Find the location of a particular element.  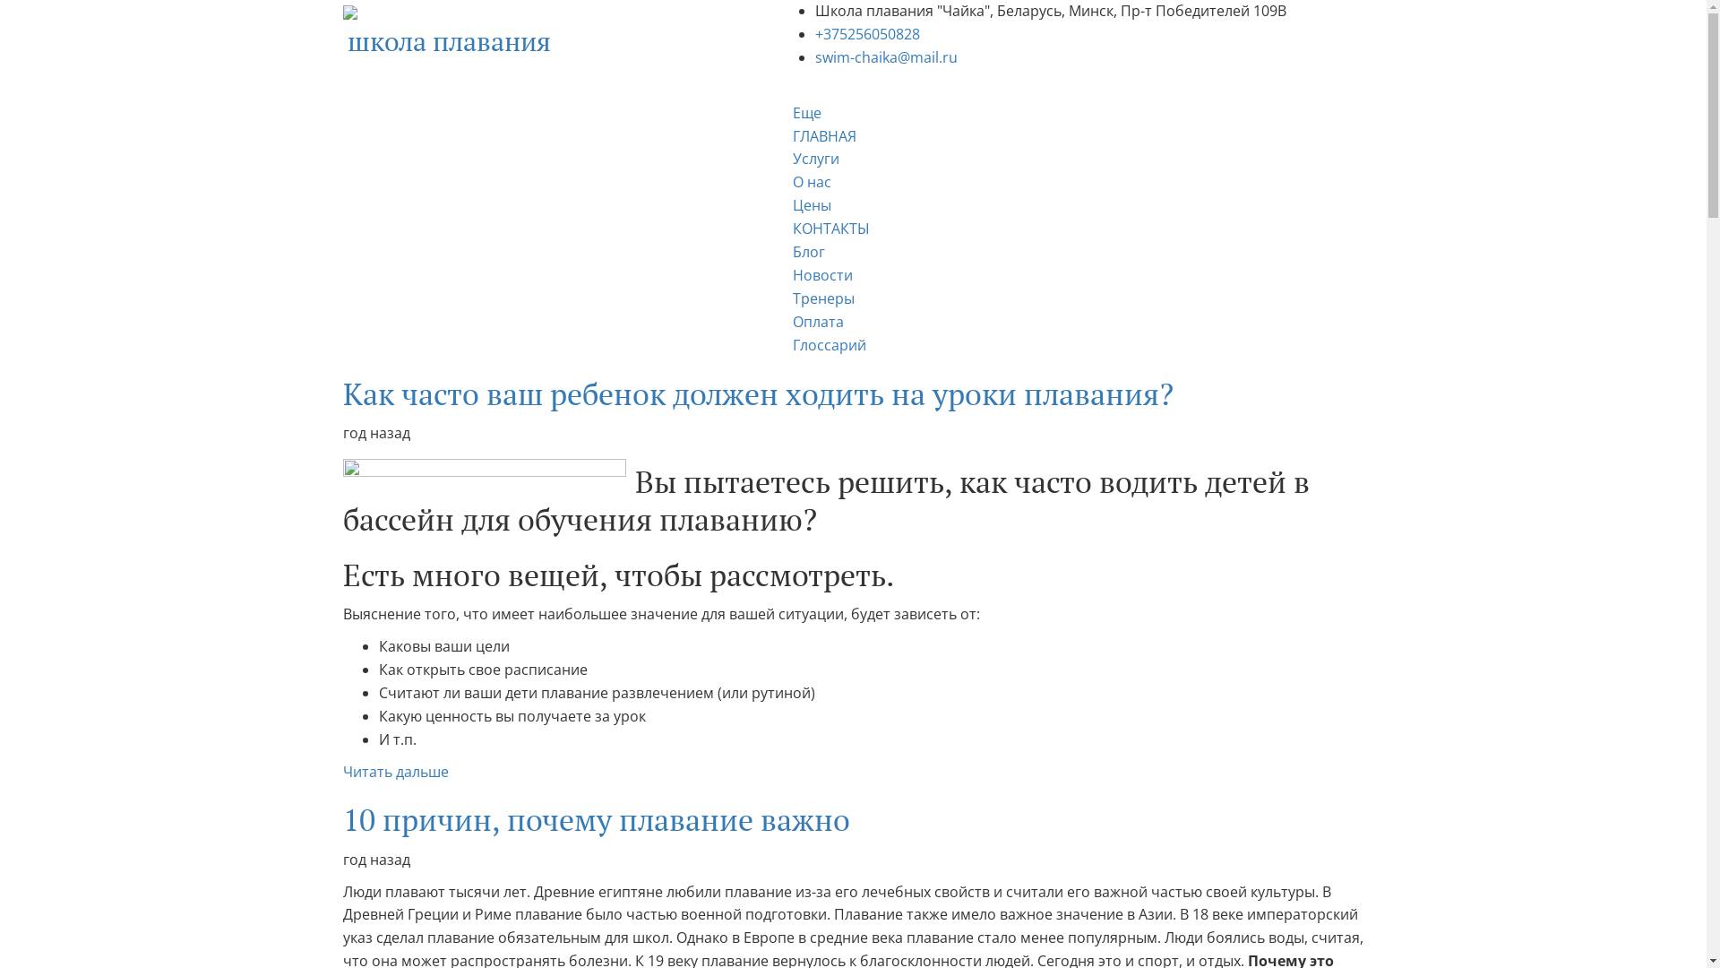

'swim-chaika@mail.ru' is located at coordinates (886, 56).